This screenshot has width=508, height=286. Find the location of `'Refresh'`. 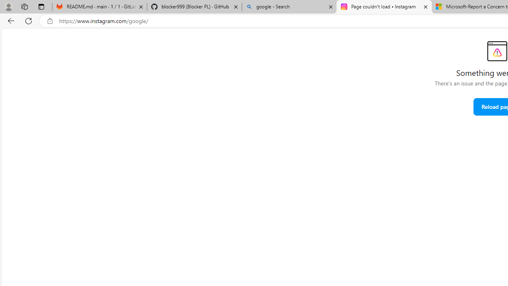

'Refresh' is located at coordinates (29, 20).